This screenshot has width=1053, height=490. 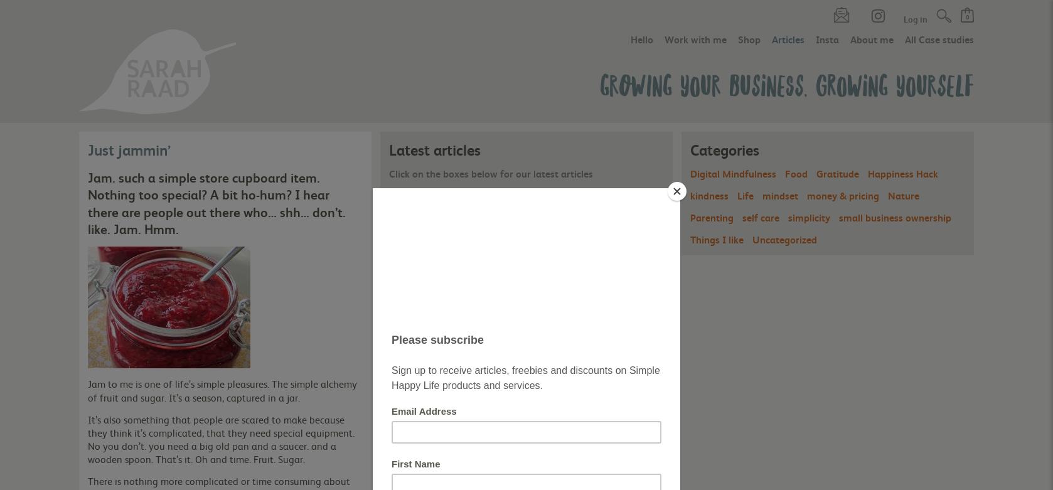 What do you see at coordinates (724, 149) in the screenshot?
I see `'Categories'` at bounding box center [724, 149].